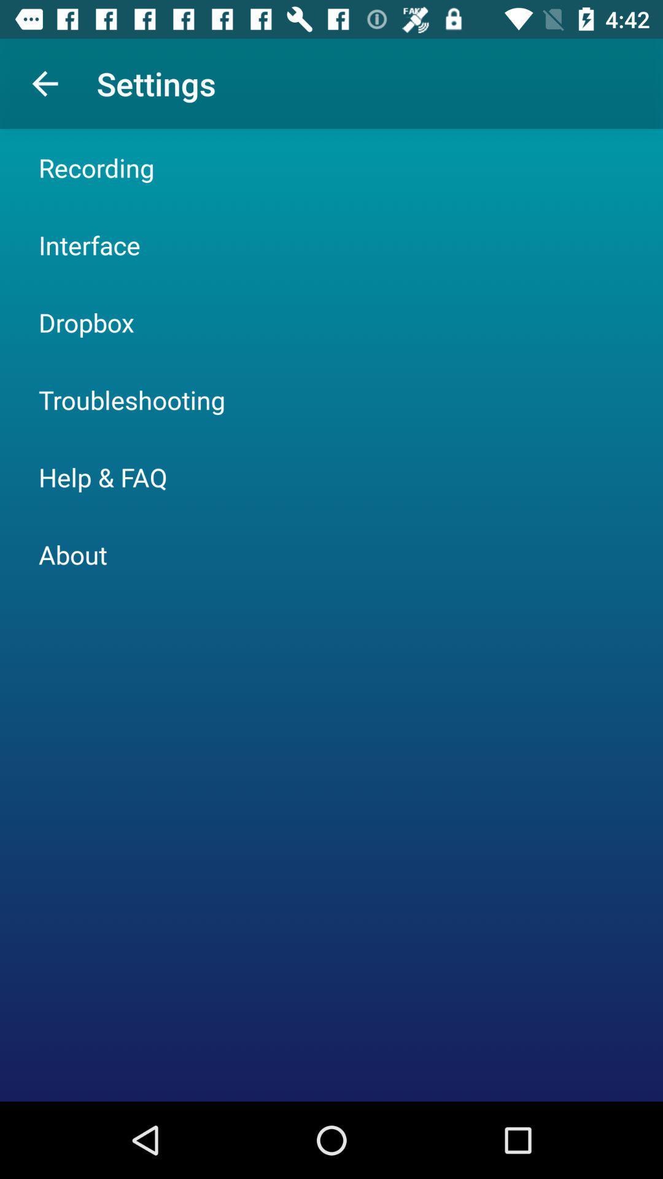  I want to click on the dropbox item, so click(86, 322).